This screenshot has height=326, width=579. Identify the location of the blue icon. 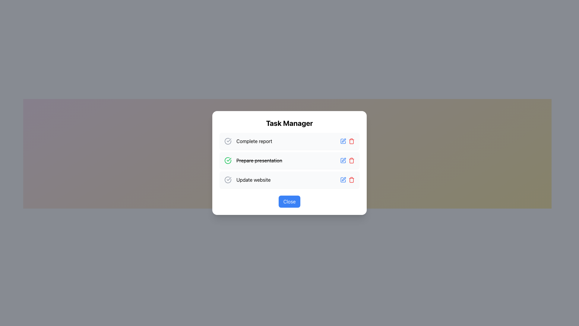
(347, 180).